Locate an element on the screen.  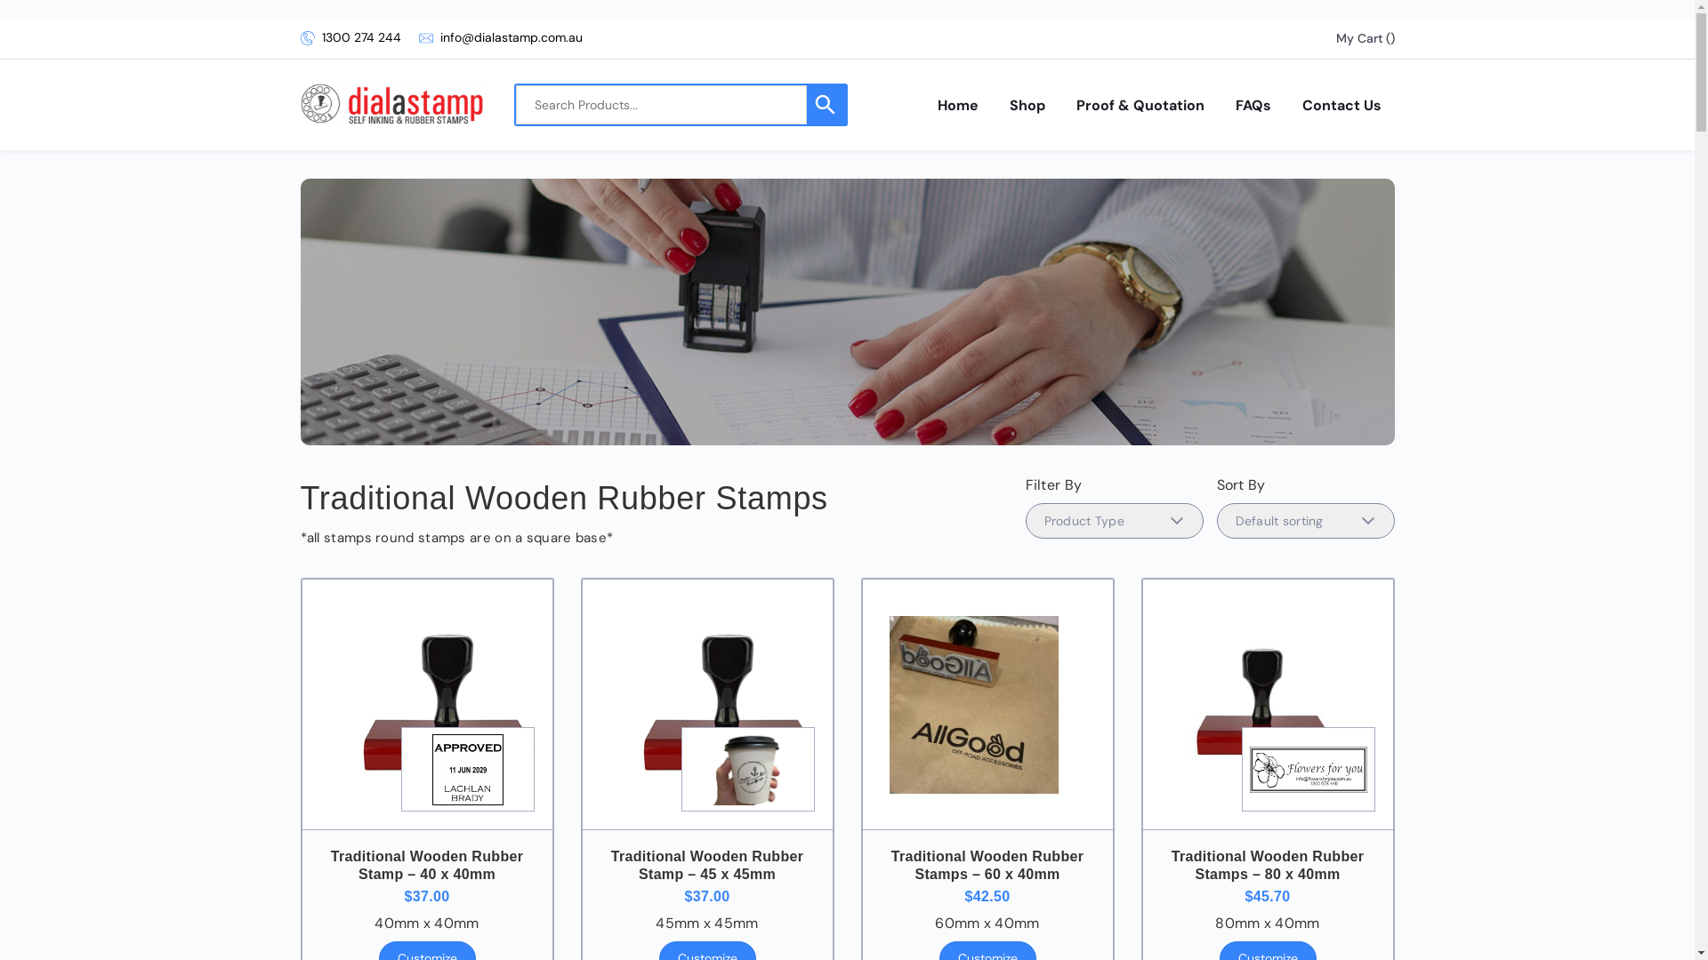
'Proof & Quotation' is located at coordinates (1140, 105).